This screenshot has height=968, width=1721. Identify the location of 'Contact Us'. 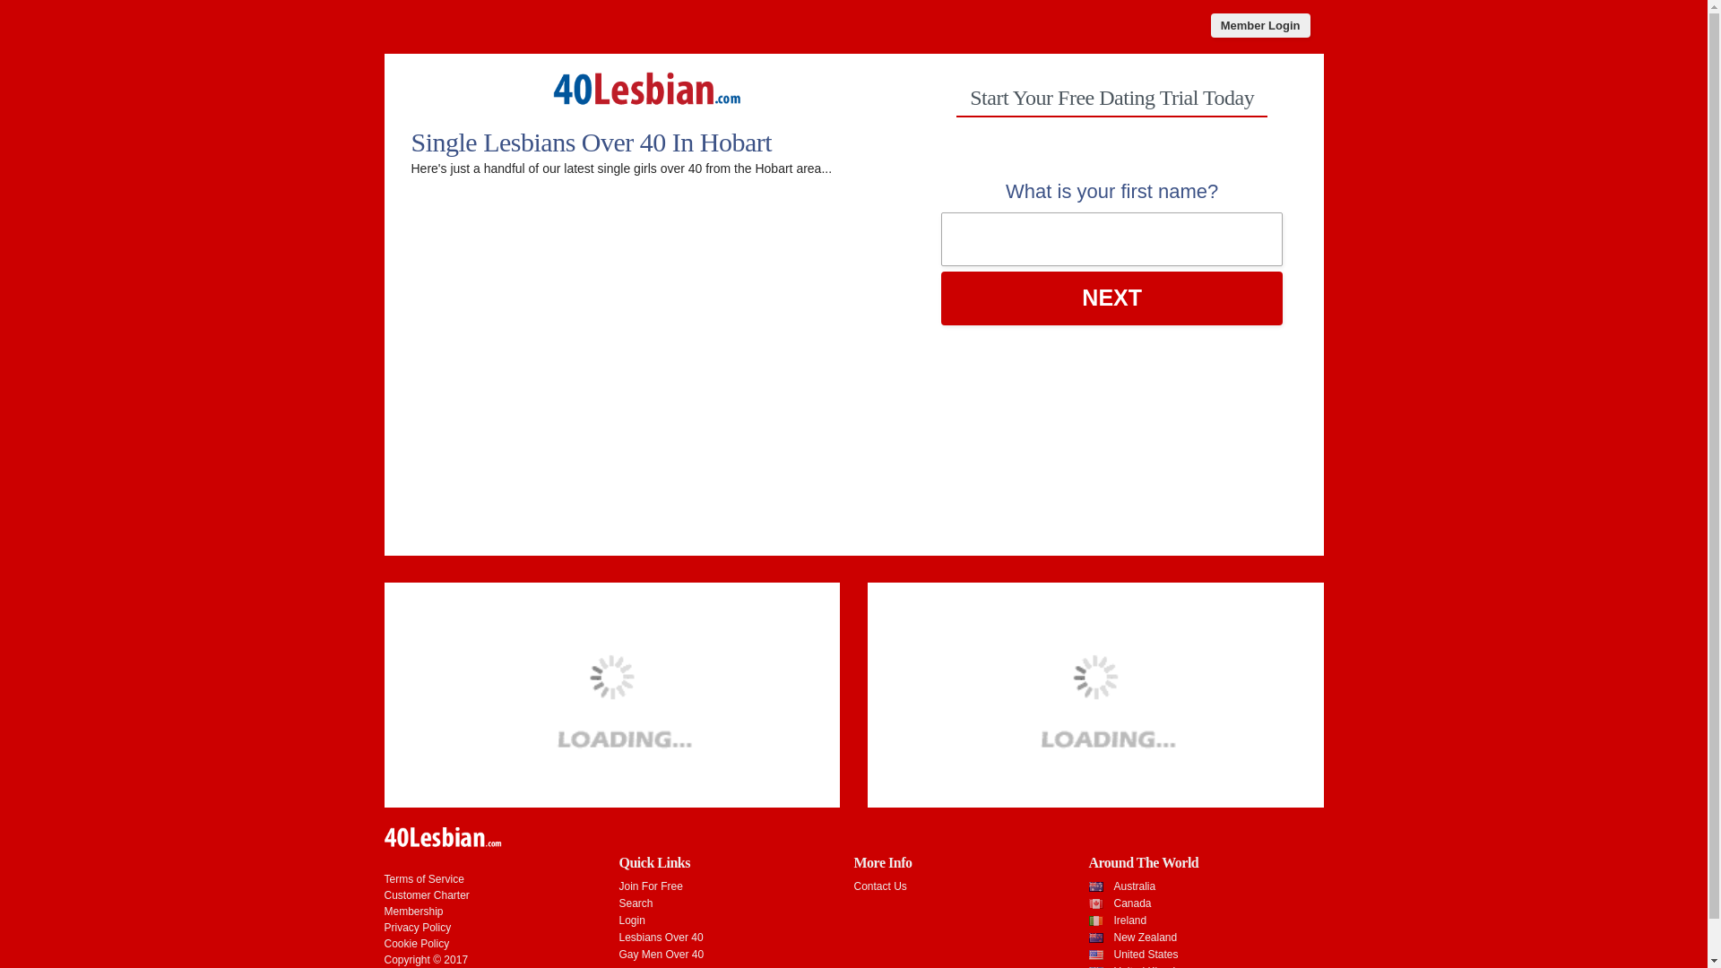
(852, 885).